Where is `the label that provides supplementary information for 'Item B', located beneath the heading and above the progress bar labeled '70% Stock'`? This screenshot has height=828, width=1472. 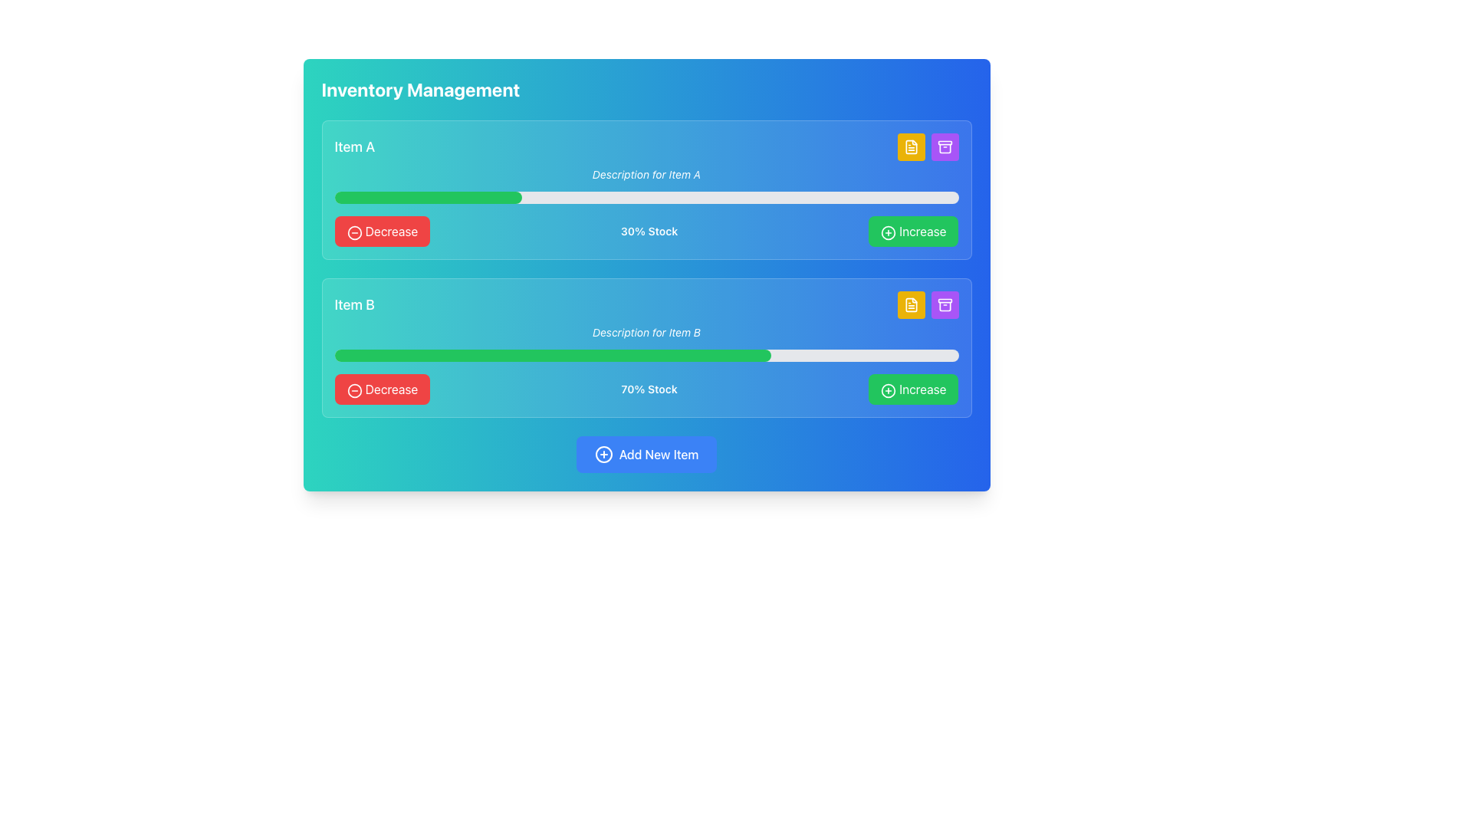
the label that provides supplementary information for 'Item B', located beneath the heading and above the progress bar labeled '70% Stock' is located at coordinates (646, 332).